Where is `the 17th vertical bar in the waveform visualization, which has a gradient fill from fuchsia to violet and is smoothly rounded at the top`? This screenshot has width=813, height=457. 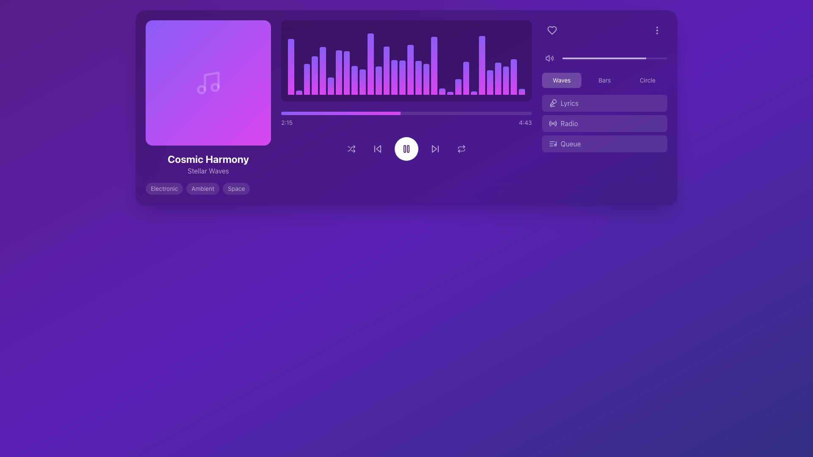
the 17th vertical bar in the waveform visualization, which has a gradient fill from fuchsia to violet and is smoothly rounded at the top is located at coordinates (426, 79).